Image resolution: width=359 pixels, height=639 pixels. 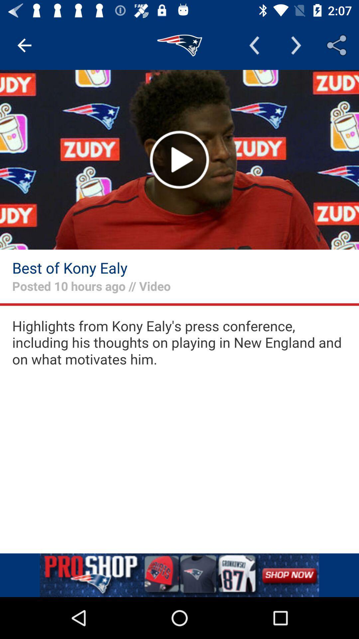 I want to click on remove the add, so click(x=179, y=575).